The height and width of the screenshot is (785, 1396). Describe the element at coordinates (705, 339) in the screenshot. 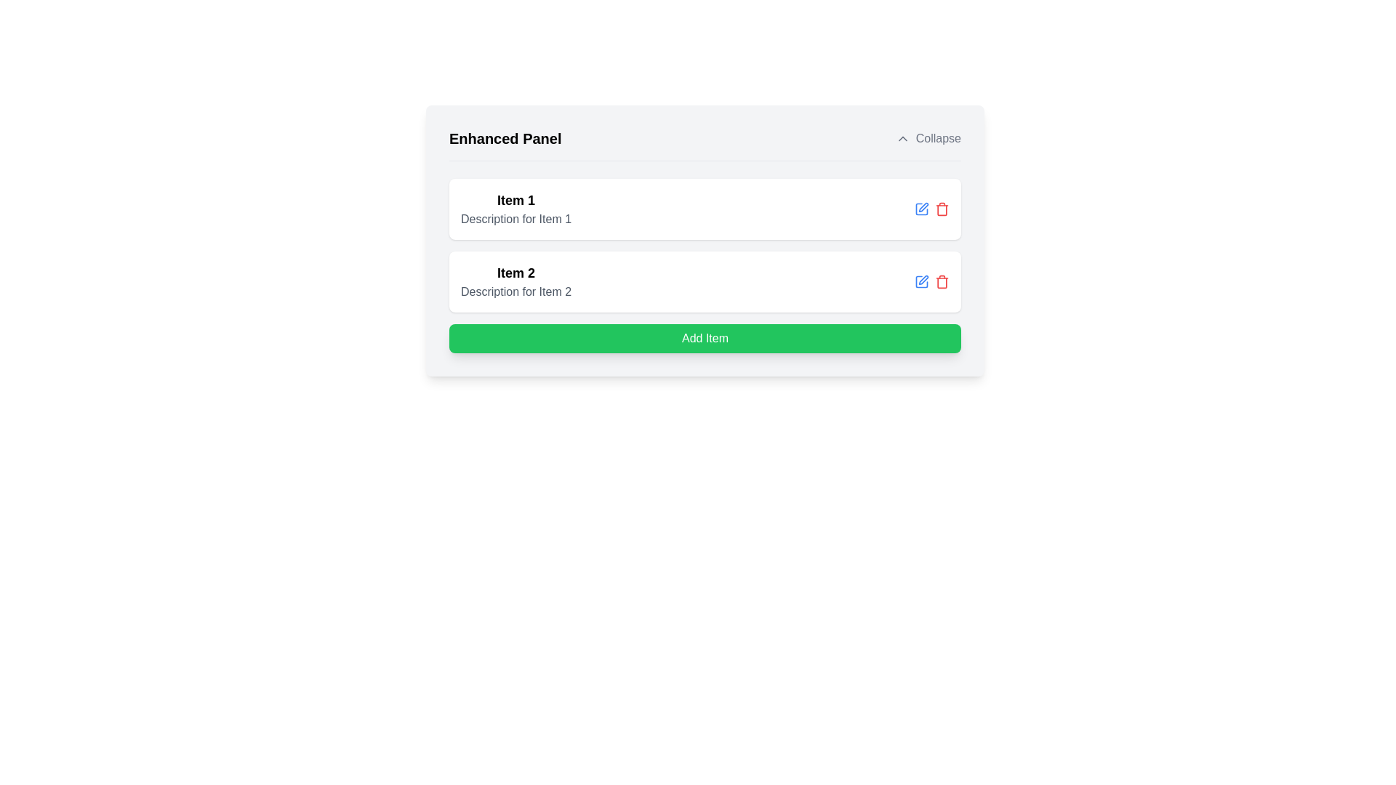

I see `the green 'Add Item' button with white text` at that location.